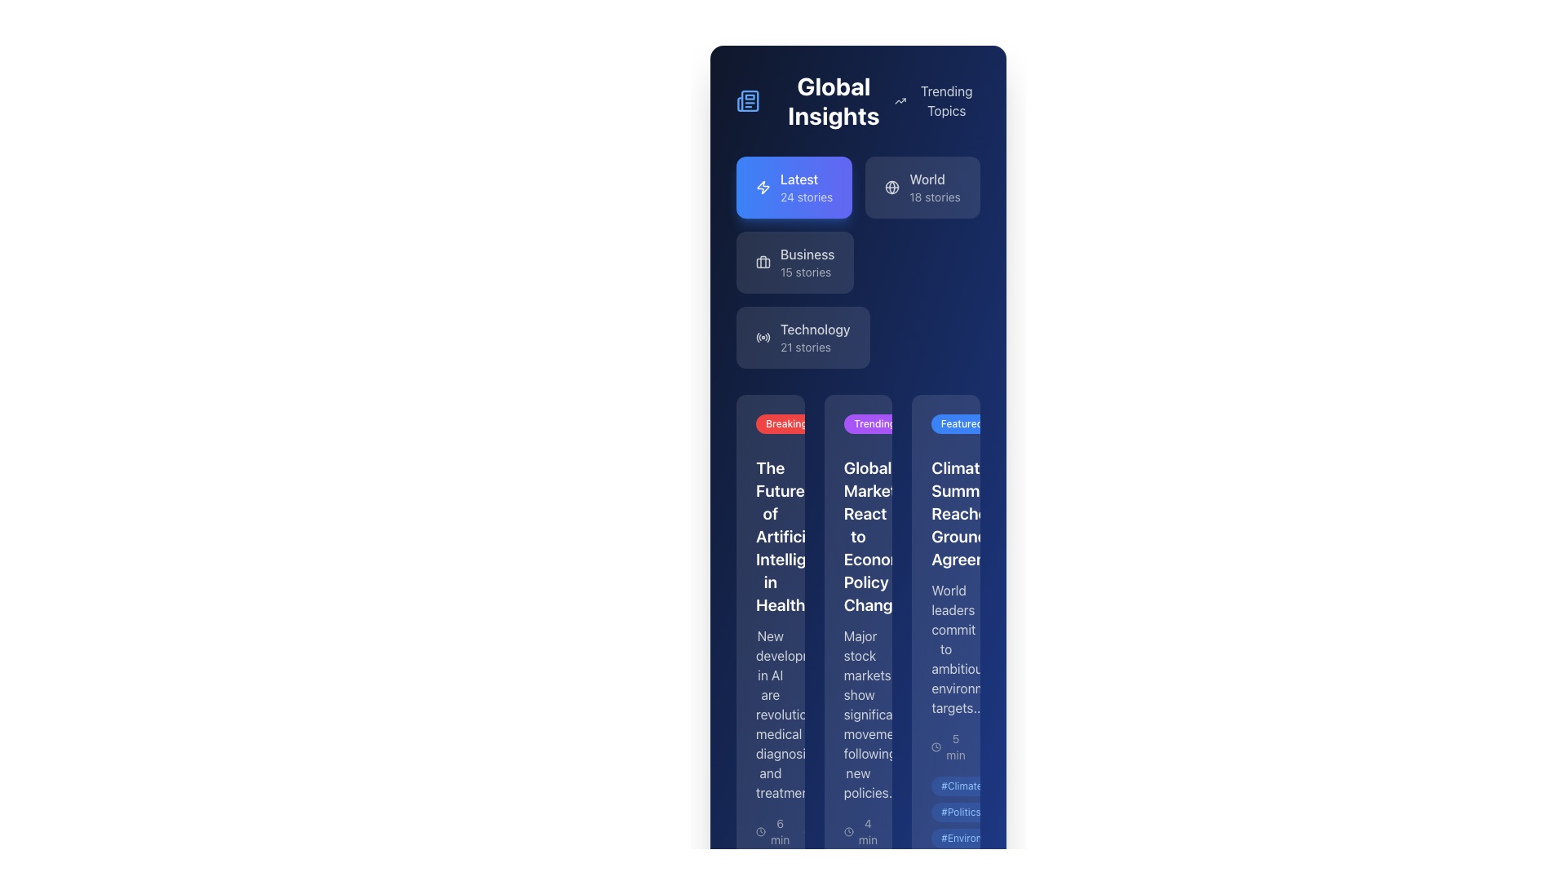 The height and width of the screenshot is (881, 1566). What do you see at coordinates (807, 179) in the screenshot?
I see `the 'Latest' category label text, which serves as a descriptor for the most recent stories section` at bounding box center [807, 179].